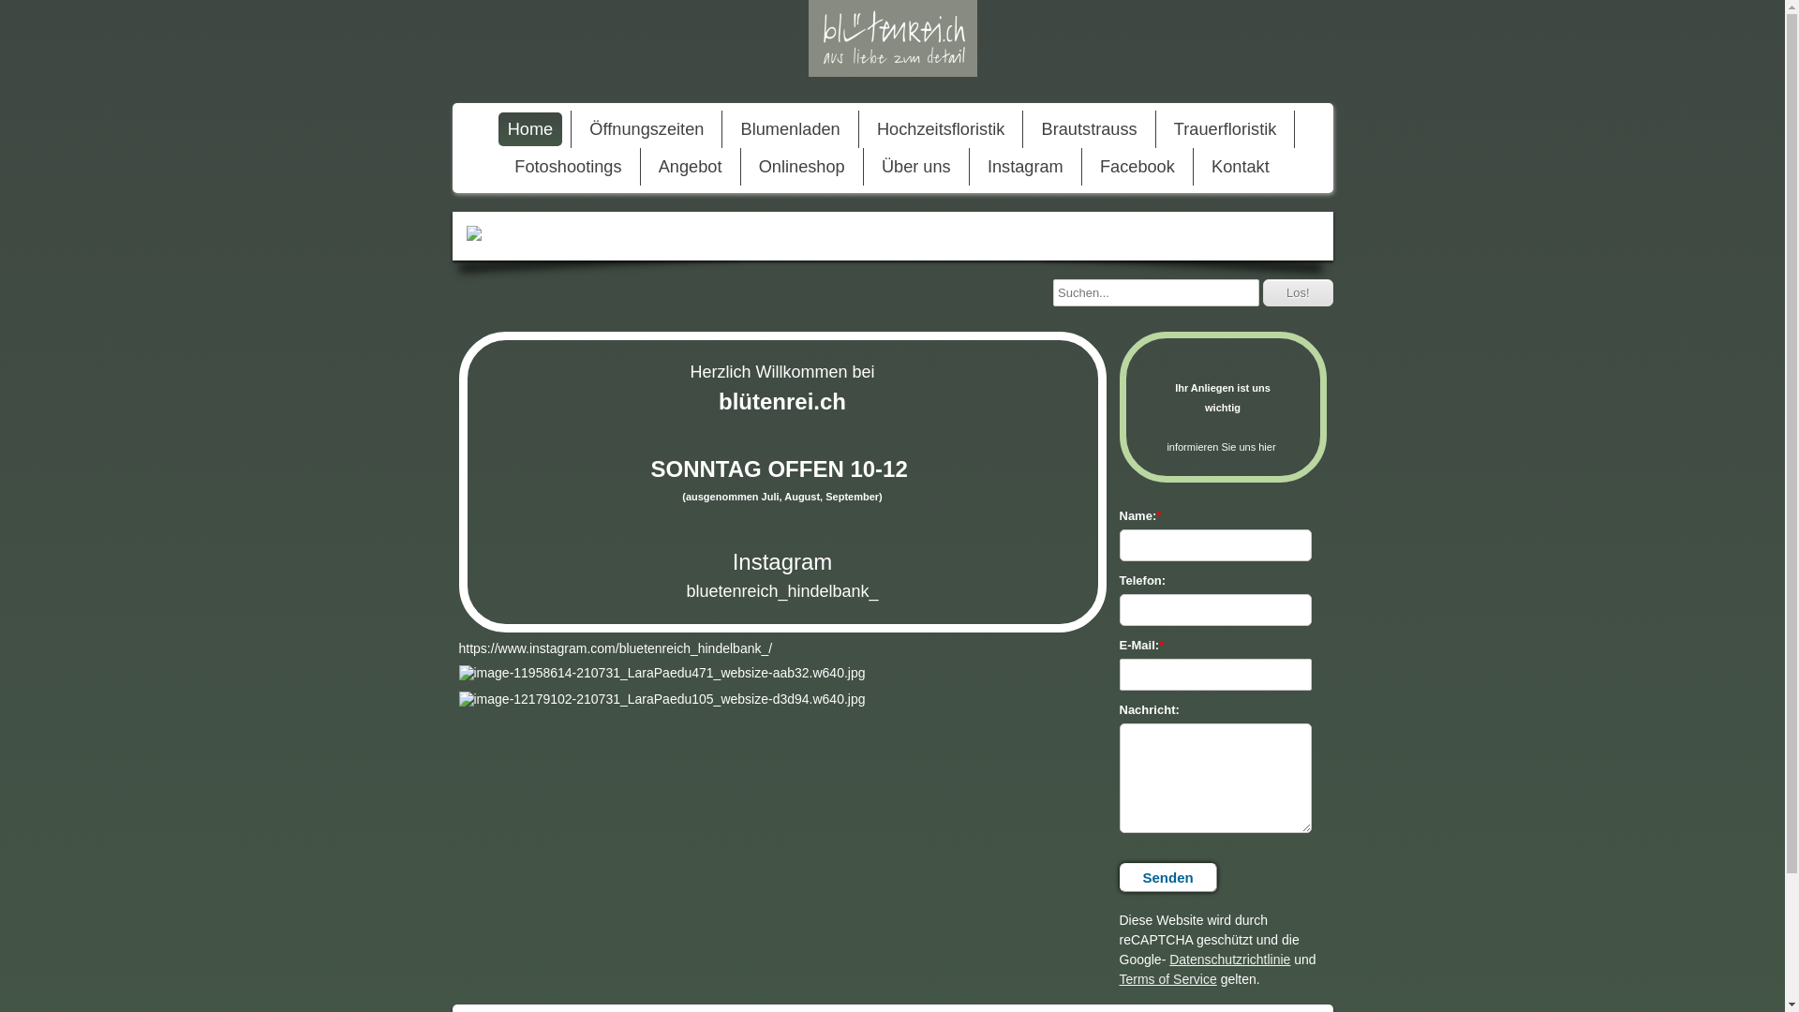  What do you see at coordinates (1167, 877) in the screenshot?
I see `'Senden'` at bounding box center [1167, 877].